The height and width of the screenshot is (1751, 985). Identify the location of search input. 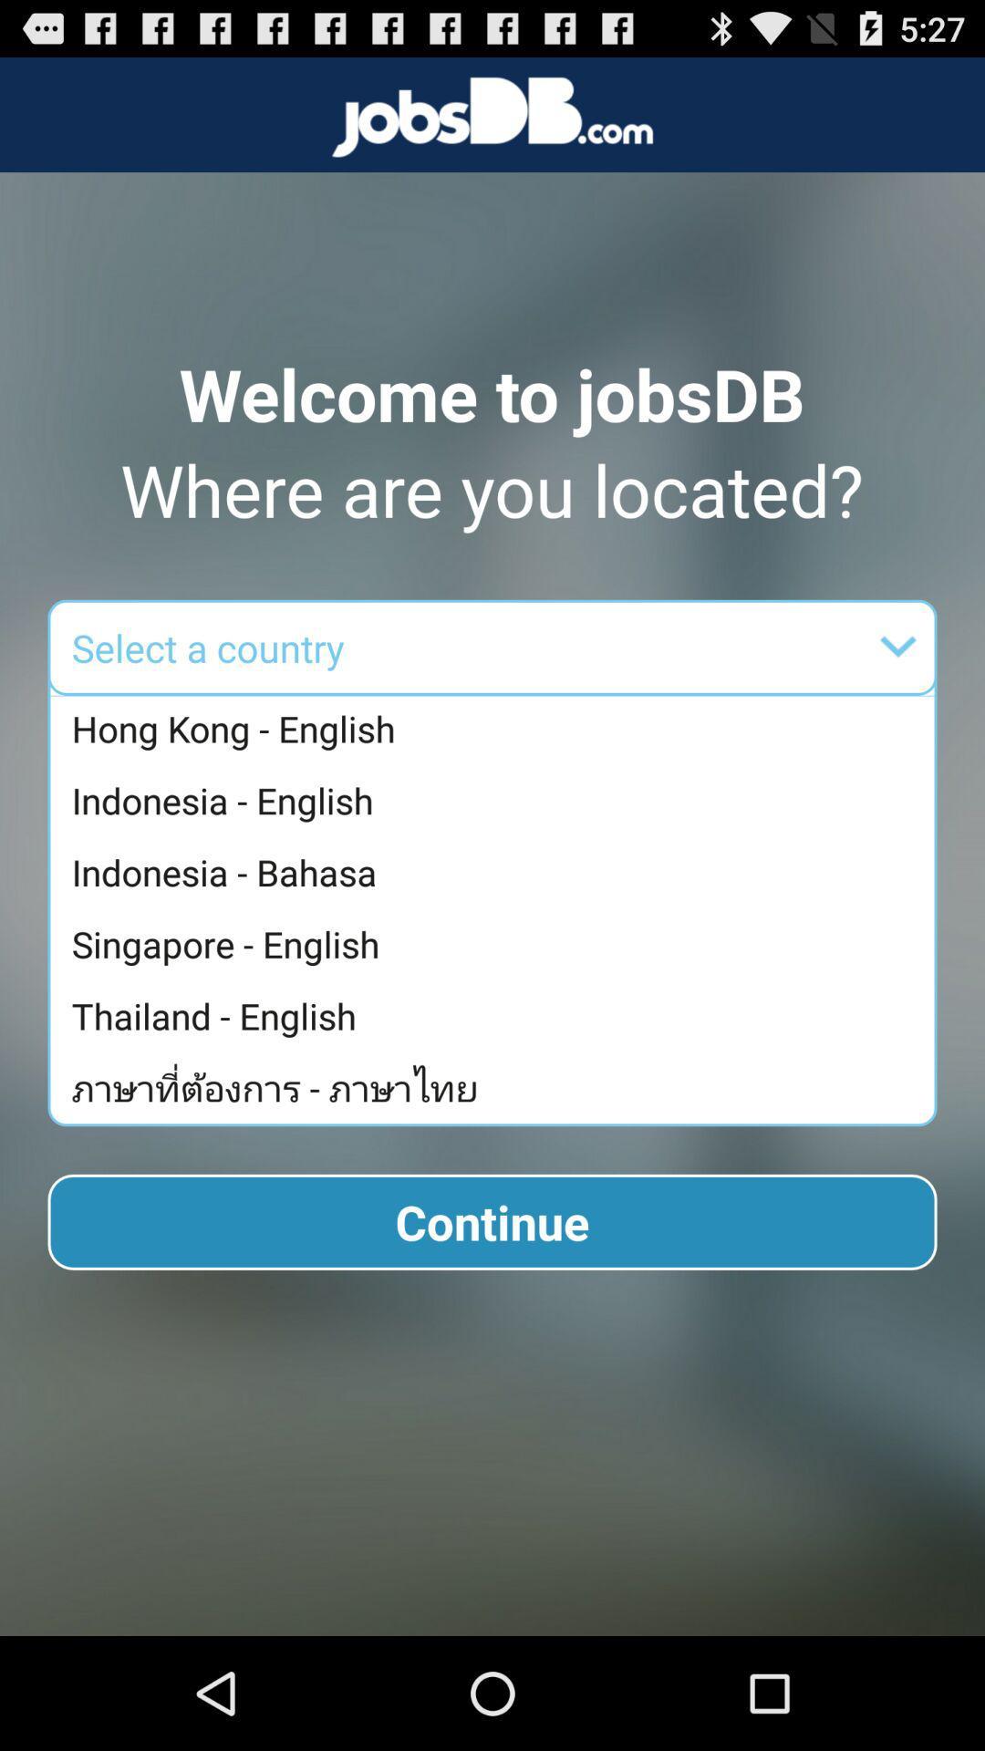
(609, 648).